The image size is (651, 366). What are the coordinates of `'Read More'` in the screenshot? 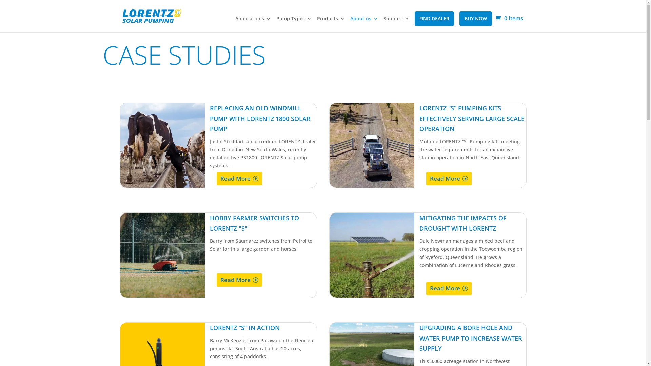 It's located at (239, 178).